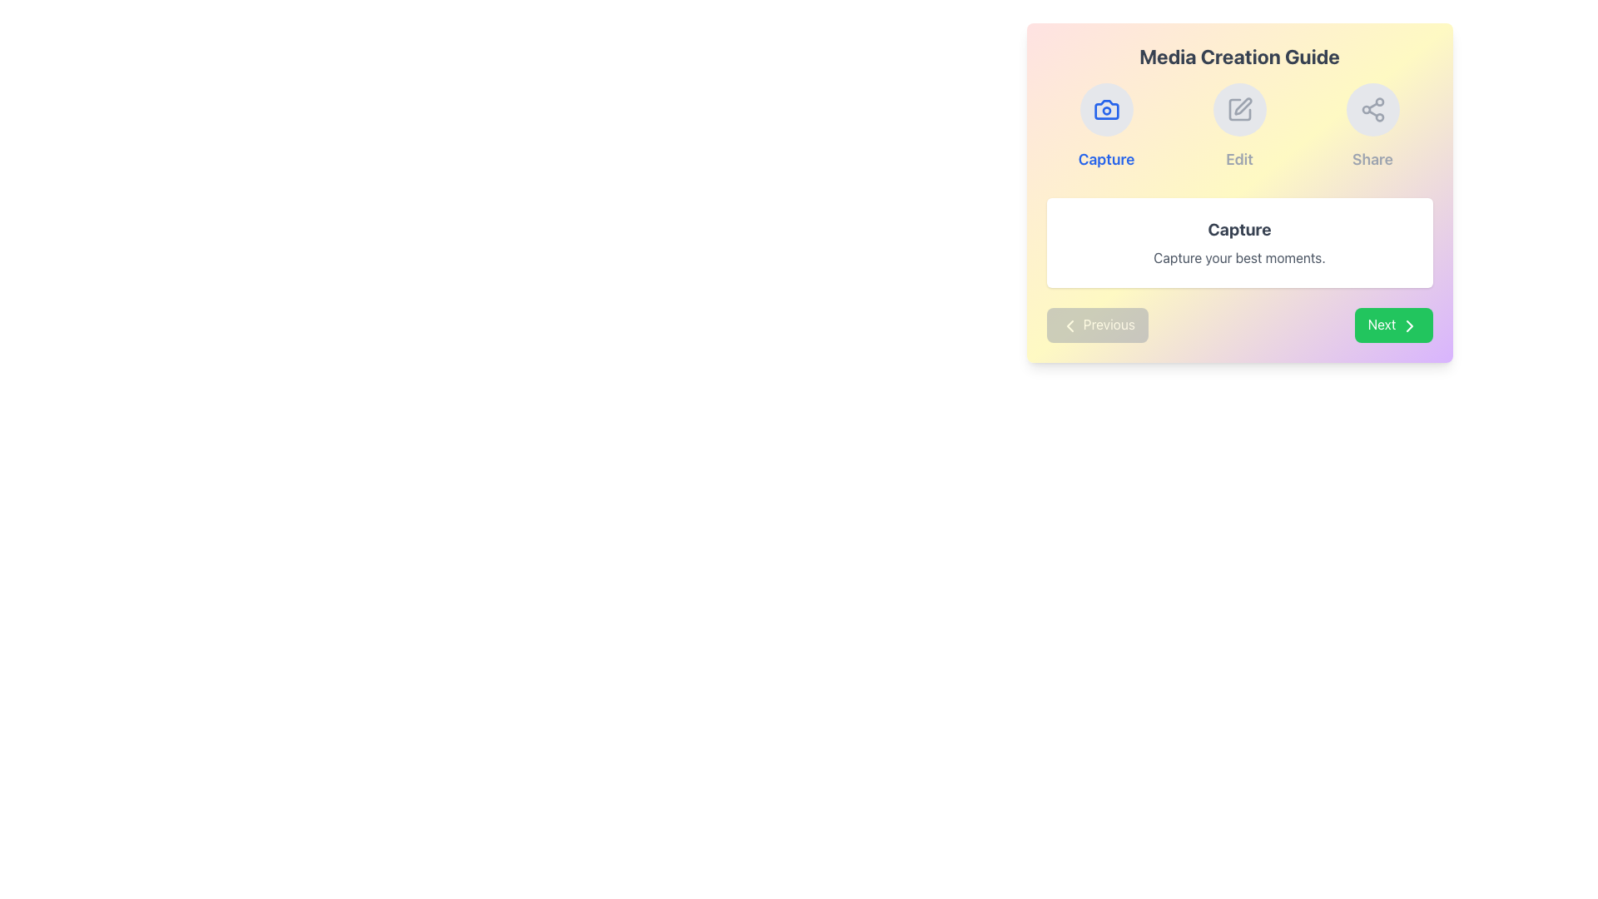 Image resolution: width=1598 pixels, height=899 pixels. Describe the element at coordinates (1408, 325) in the screenshot. I see `the static visual indicator which is the 'Next' button located at the bottom right corner of the 'Media Creation Guide' card` at that location.